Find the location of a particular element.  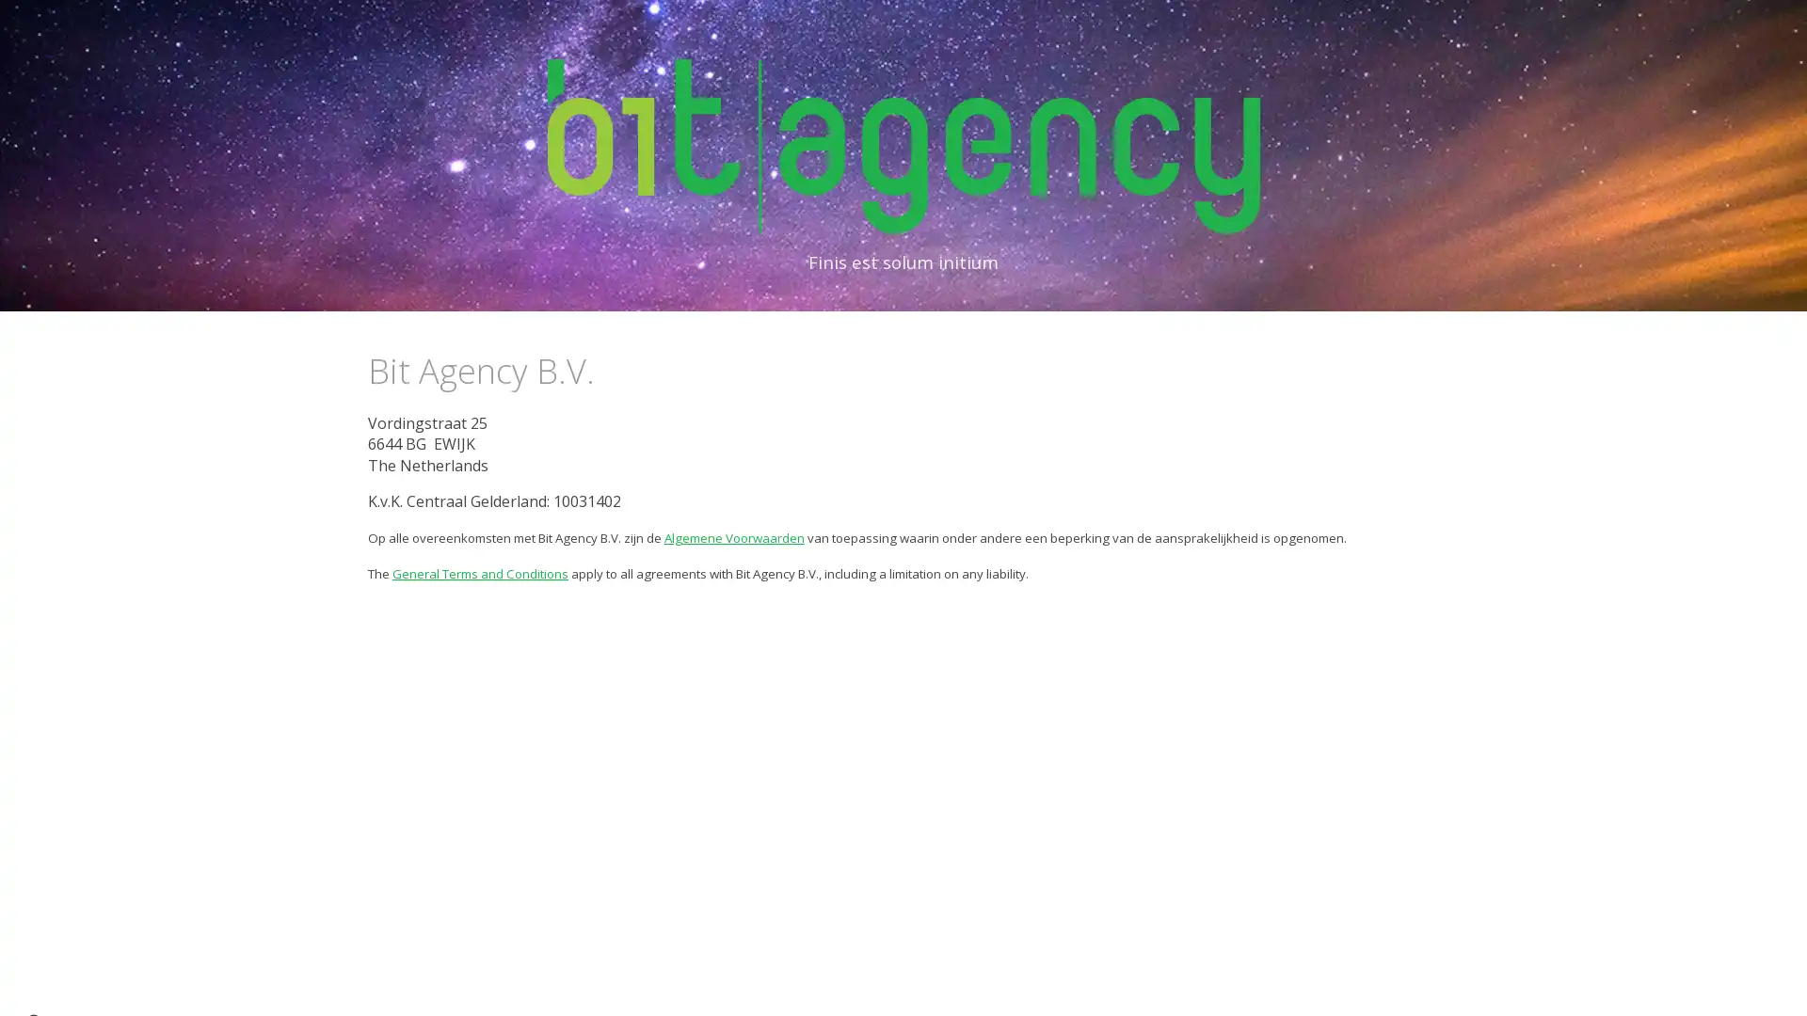

Report abuse is located at coordinates (147, 982).